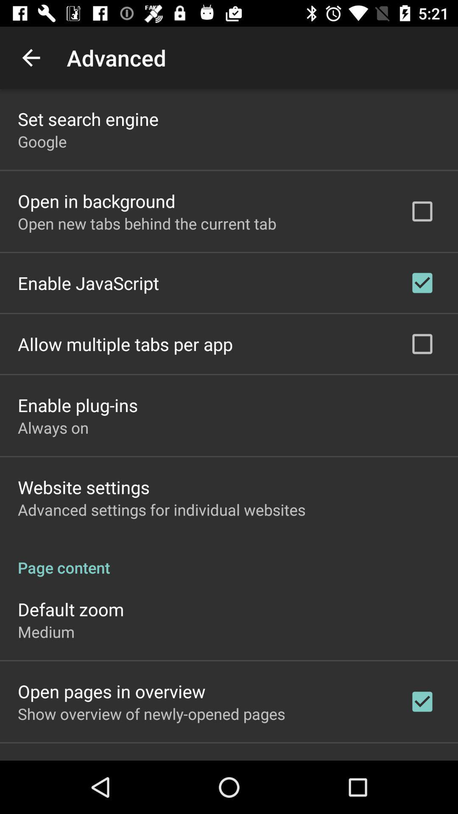 Image resolution: width=458 pixels, height=814 pixels. Describe the element at coordinates (88, 283) in the screenshot. I see `item below the open new tabs icon` at that location.